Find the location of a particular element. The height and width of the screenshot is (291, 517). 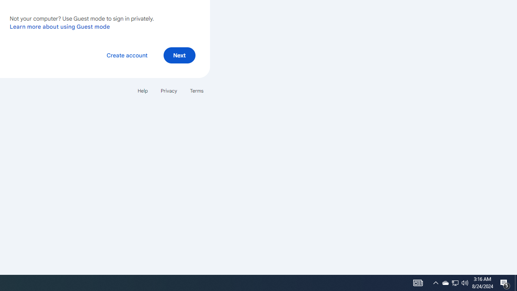

'Learn more about using Guest mode' is located at coordinates (59, 26).